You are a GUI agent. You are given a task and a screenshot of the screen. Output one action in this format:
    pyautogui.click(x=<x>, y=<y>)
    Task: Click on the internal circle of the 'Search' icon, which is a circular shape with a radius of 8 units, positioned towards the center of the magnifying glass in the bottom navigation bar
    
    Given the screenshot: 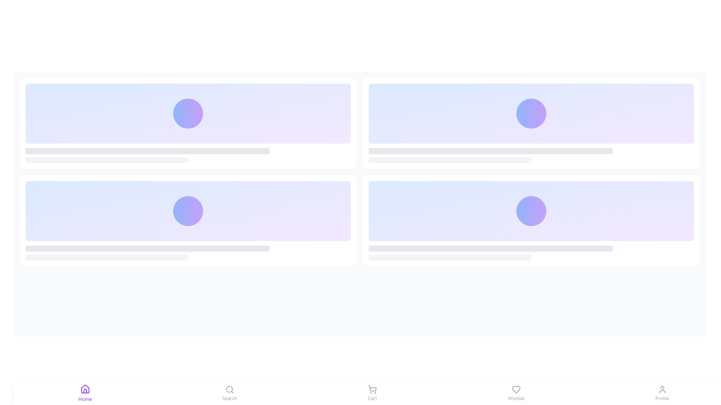 What is the action you would take?
    pyautogui.click(x=229, y=388)
    